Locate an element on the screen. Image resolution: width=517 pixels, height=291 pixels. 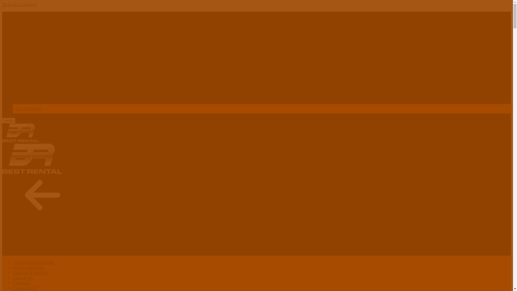
'About Us' is located at coordinates (23, 238).